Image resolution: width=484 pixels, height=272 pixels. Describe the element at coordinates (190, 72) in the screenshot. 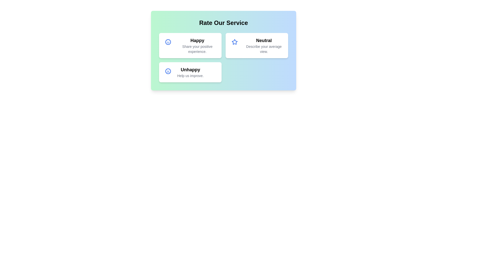

I see `the 'Unhappy' rating card` at that location.